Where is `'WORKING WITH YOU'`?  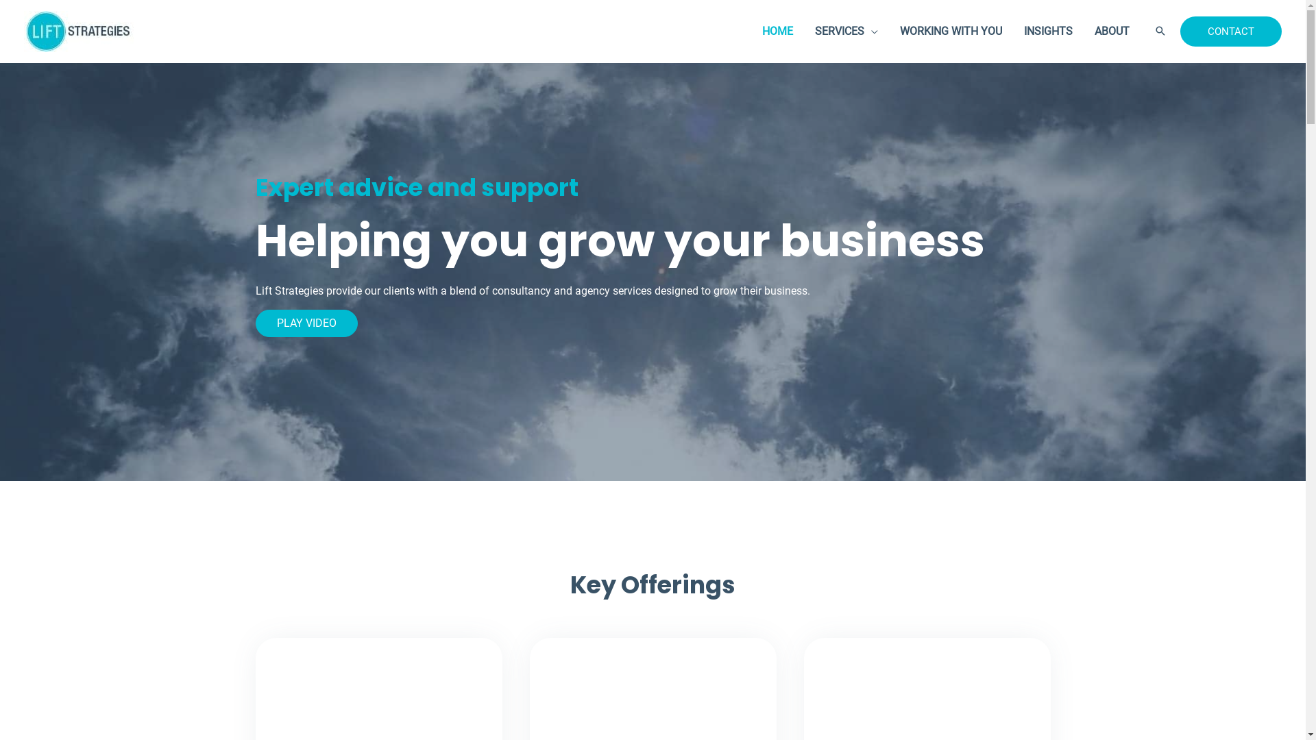 'WORKING WITH YOU' is located at coordinates (950, 31).